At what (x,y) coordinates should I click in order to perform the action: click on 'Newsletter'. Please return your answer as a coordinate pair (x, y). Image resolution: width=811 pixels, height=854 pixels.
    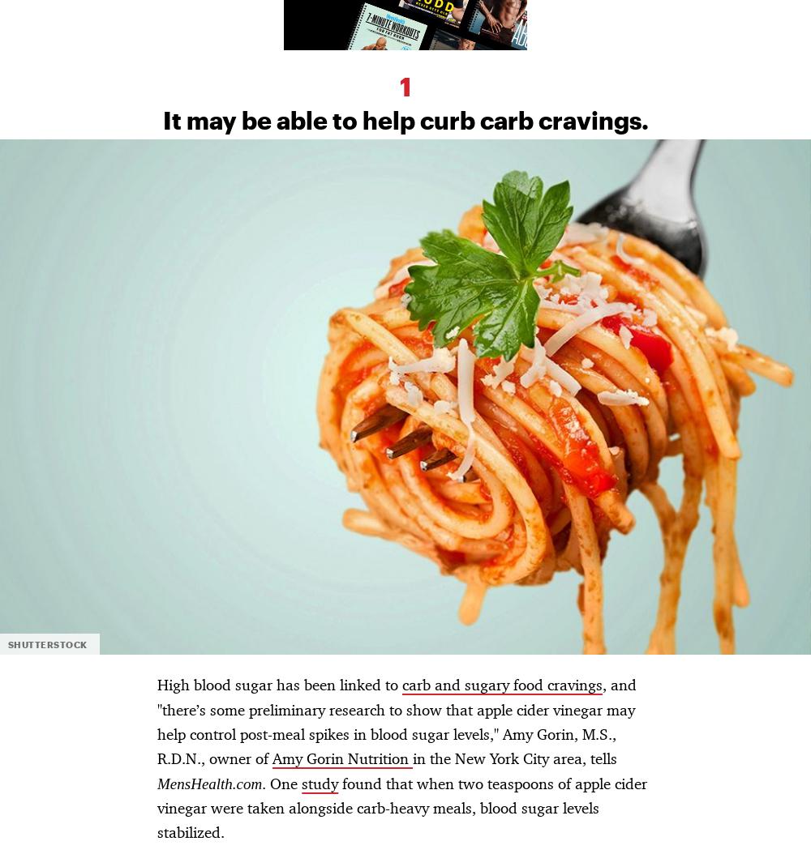
    Looking at the image, I should click on (249, 117).